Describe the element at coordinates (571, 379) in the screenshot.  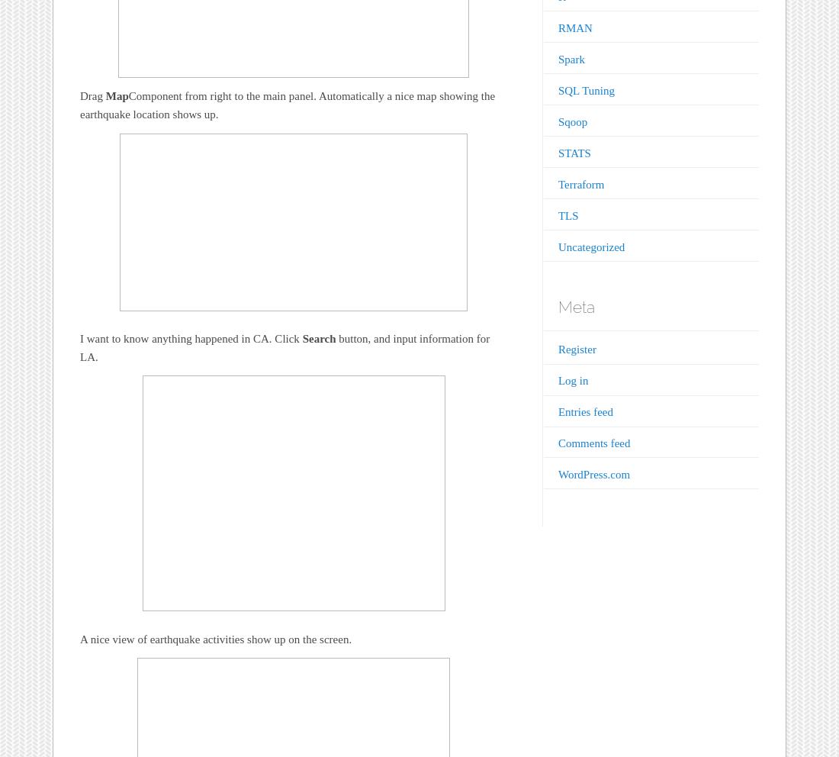
I see `'Log in'` at that location.